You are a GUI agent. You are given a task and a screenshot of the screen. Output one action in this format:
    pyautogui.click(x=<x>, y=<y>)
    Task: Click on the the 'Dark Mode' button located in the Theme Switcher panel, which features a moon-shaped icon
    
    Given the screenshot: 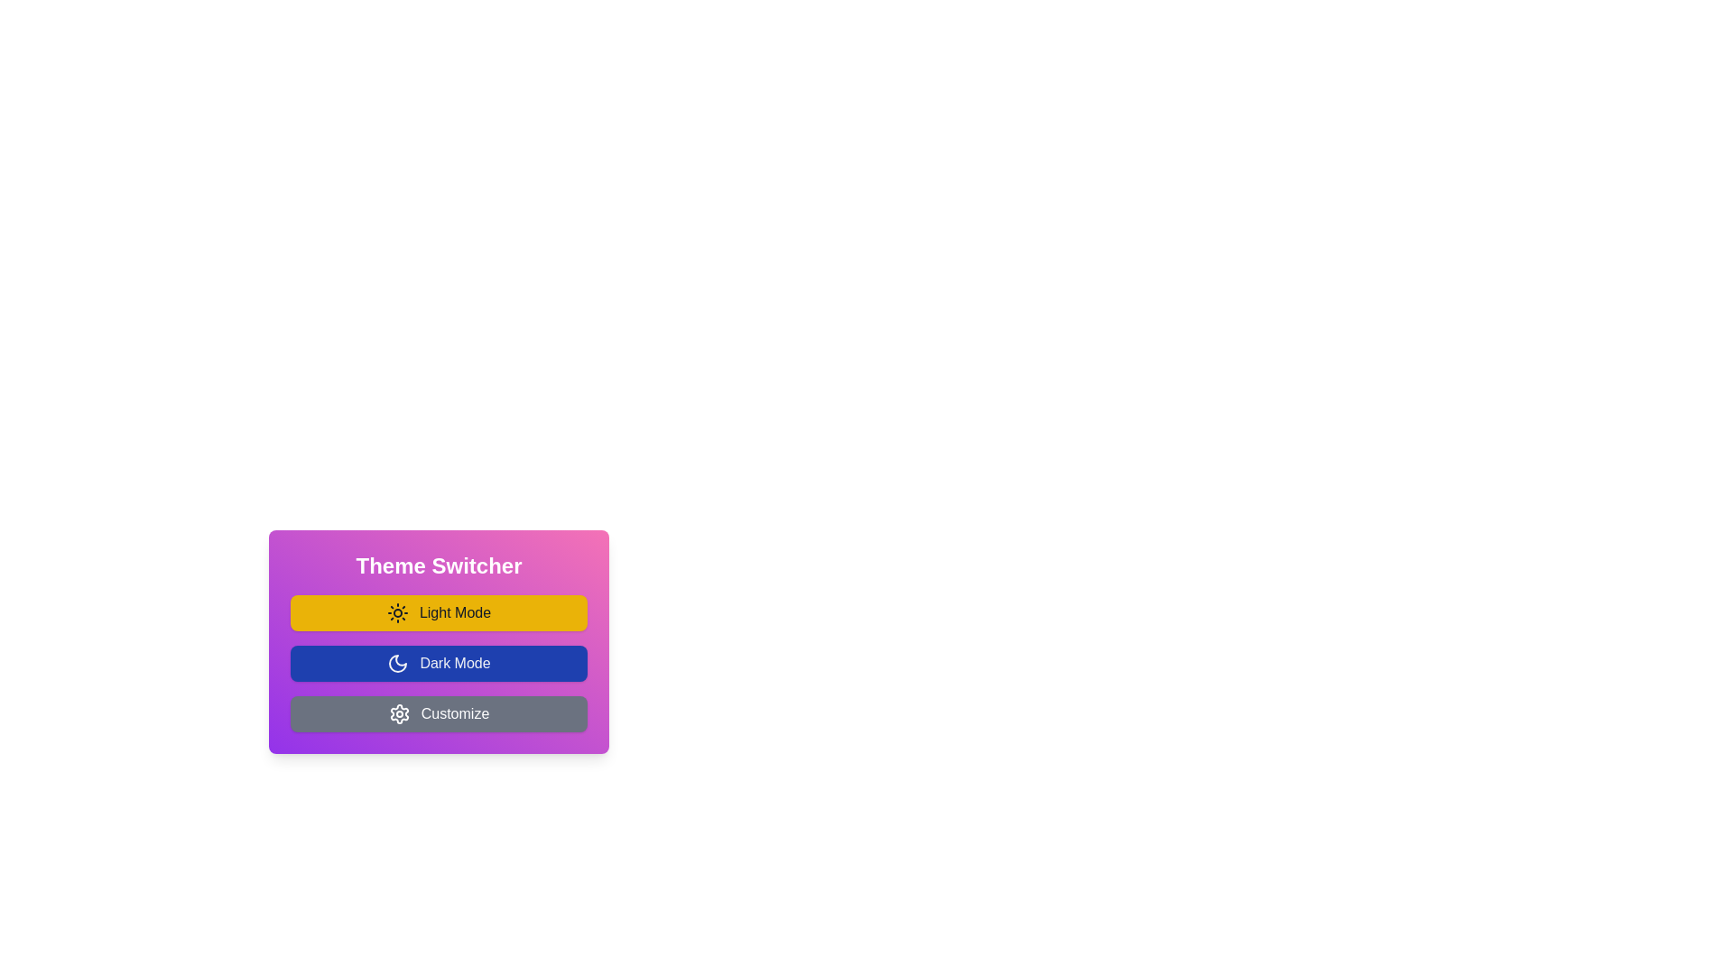 What is the action you would take?
    pyautogui.click(x=397, y=664)
    